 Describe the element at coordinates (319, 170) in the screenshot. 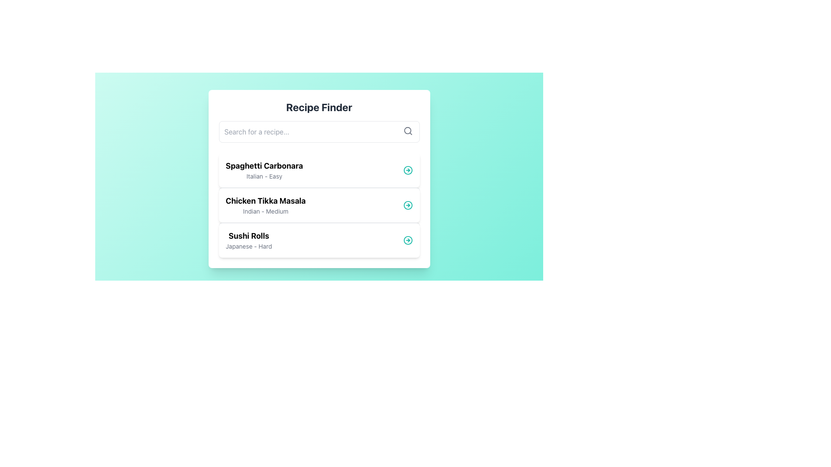

I see `the first recipe item in the recipe finder interface, located below the 'Recipe Finder' search bar` at that location.